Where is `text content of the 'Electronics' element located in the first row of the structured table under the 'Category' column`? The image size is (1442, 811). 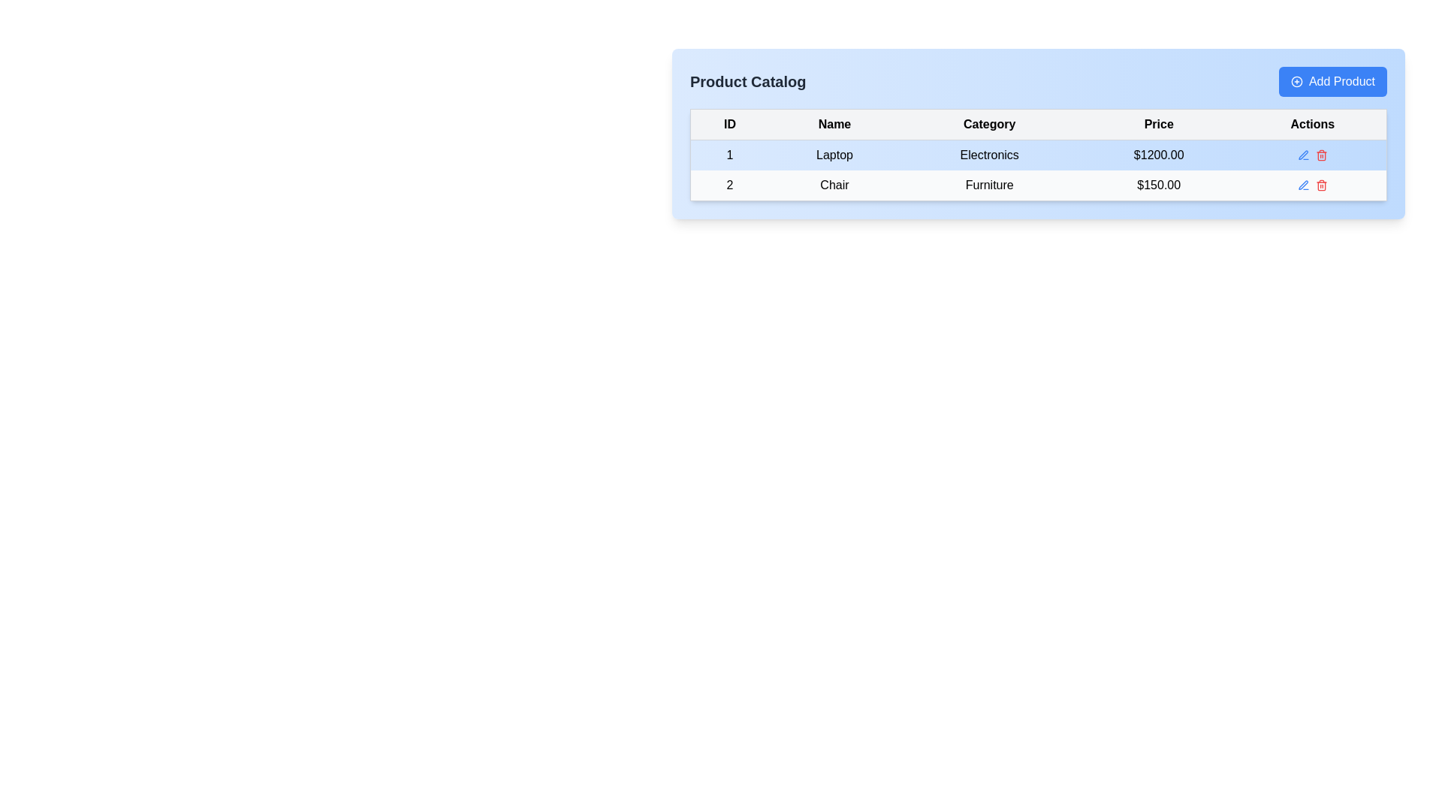 text content of the 'Electronics' element located in the first row of the structured table under the 'Category' column is located at coordinates (989, 155).